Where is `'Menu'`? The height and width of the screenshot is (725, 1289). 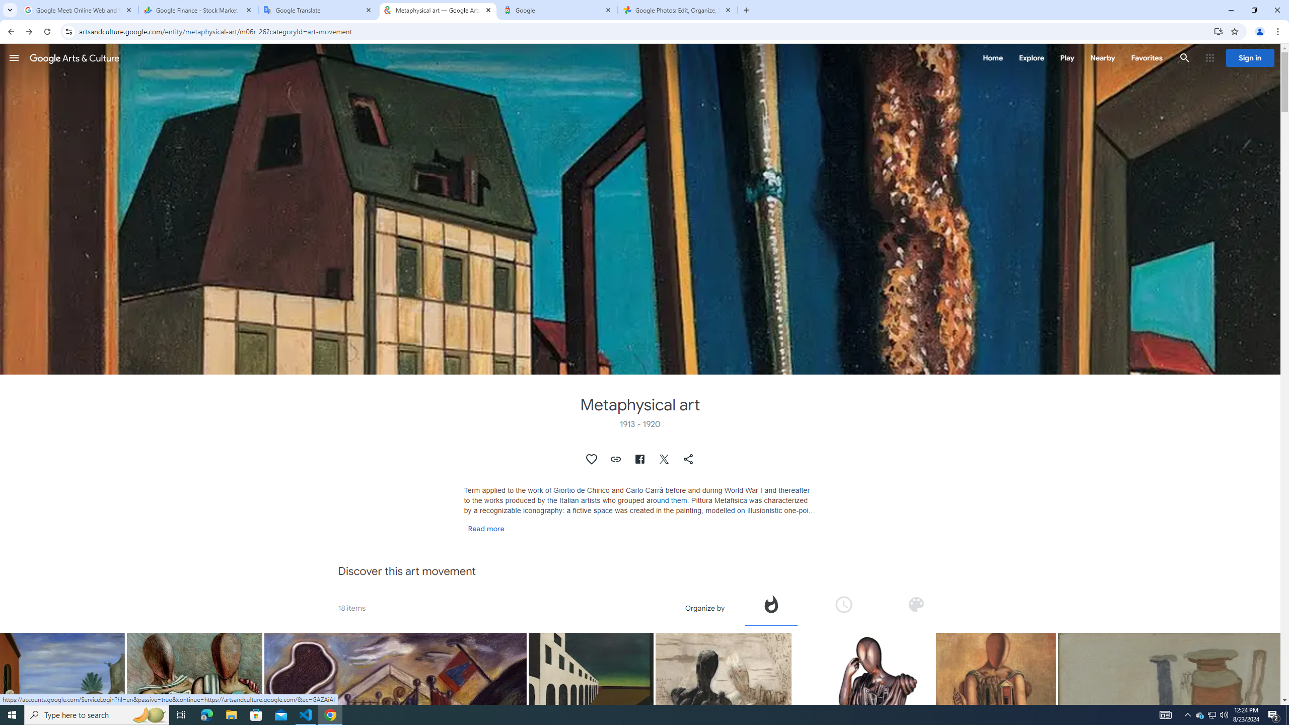
'Menu' is located at coordinates (14, 57).